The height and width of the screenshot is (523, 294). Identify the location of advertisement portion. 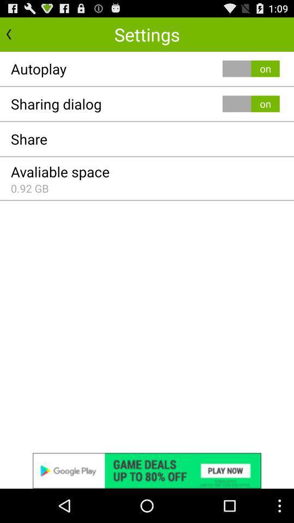
(147, 470).